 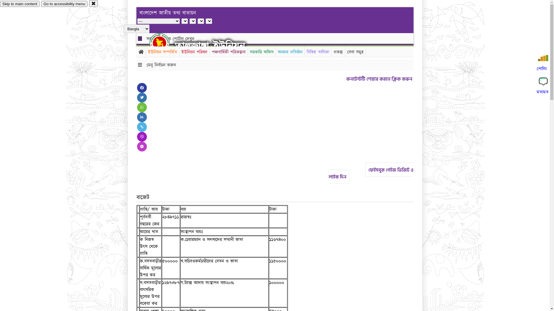 I want to click on ', so click(x=164, y=43).